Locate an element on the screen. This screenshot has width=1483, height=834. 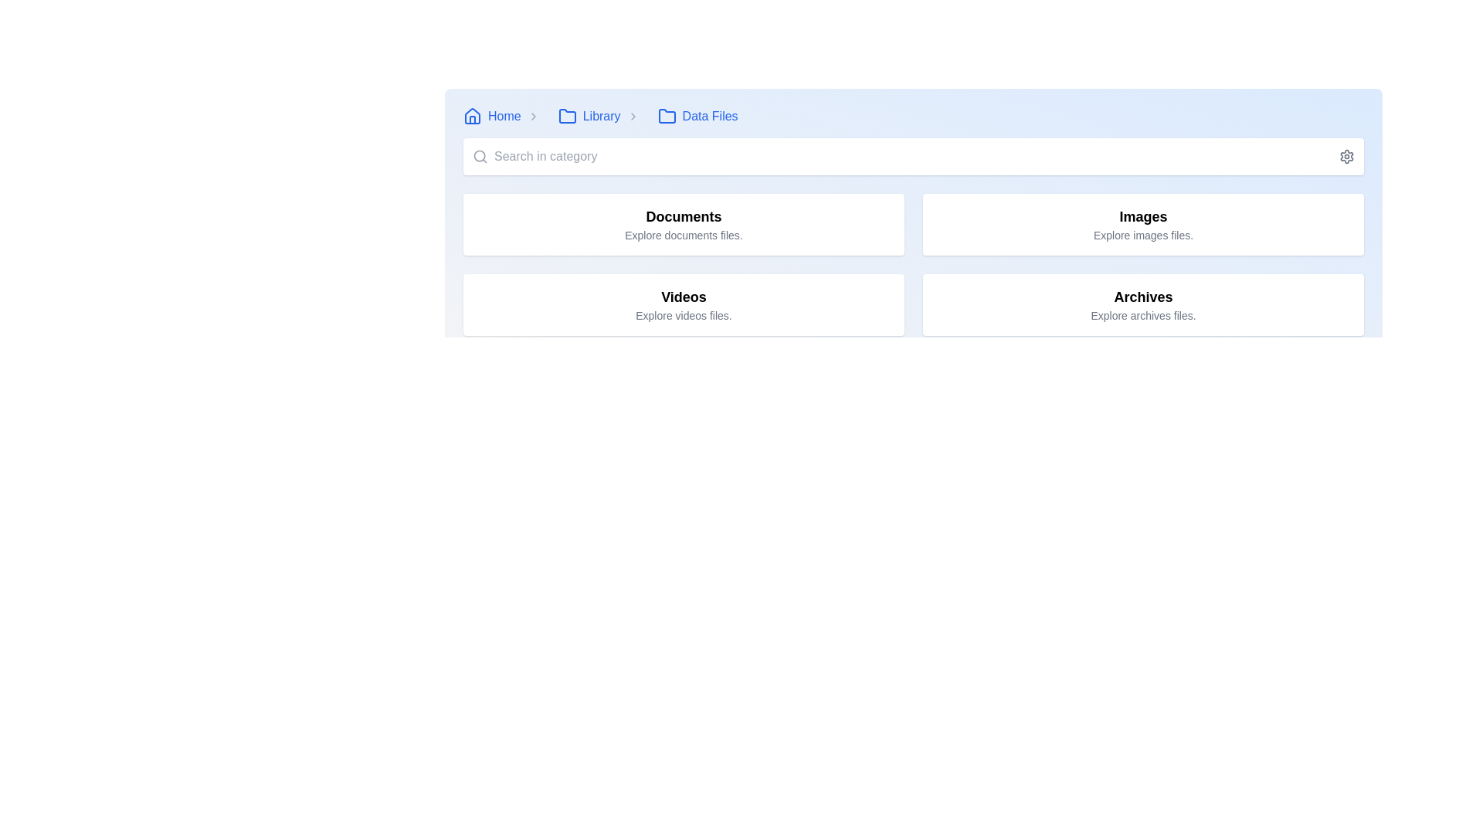
the folder icon in the breadcrumb navigation bar, located between 'Library' and 'Data Files' is located at coordinates (566, 115).